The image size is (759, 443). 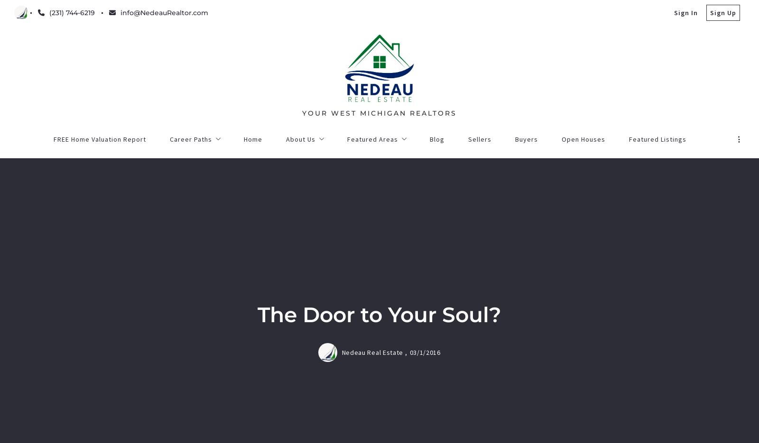 I want to click on 'Sellers', so click(x=243, y=409).